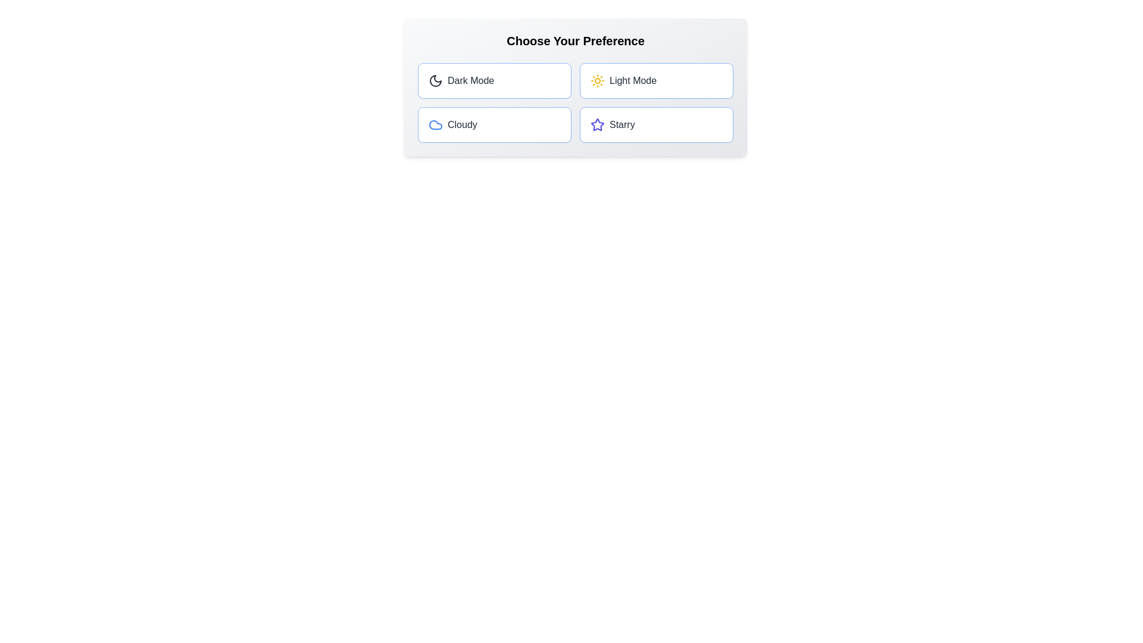 The height and width of the screenshot is (643, 1143). I want to click on the text label displaying 'Starry' located in the bottom-right segment of the grid, adjacent to the star icon, so click(622, 124).